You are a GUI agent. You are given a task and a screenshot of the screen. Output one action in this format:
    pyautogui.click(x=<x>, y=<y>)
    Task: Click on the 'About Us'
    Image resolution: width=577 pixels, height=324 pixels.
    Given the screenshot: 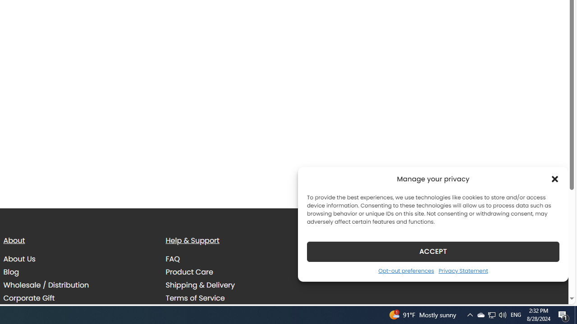 What is the action you would take?
    pyautogui.click(x=19, y=259)
    